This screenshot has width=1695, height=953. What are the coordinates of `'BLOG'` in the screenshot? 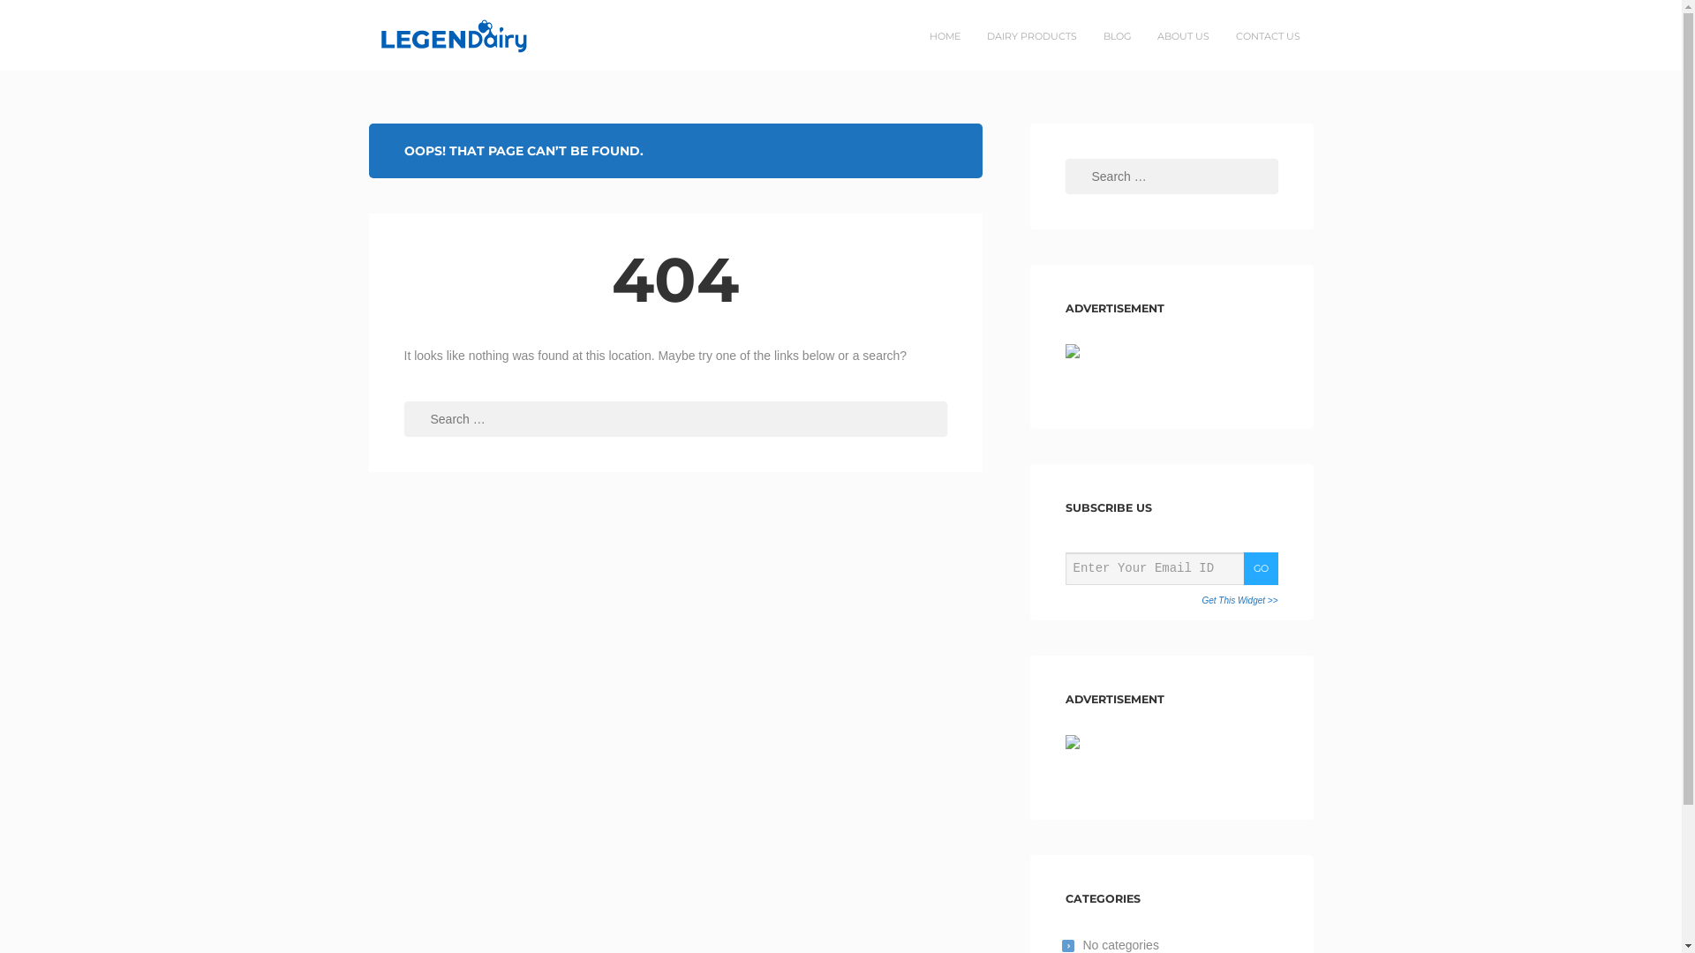 It's located at (1115, 36).